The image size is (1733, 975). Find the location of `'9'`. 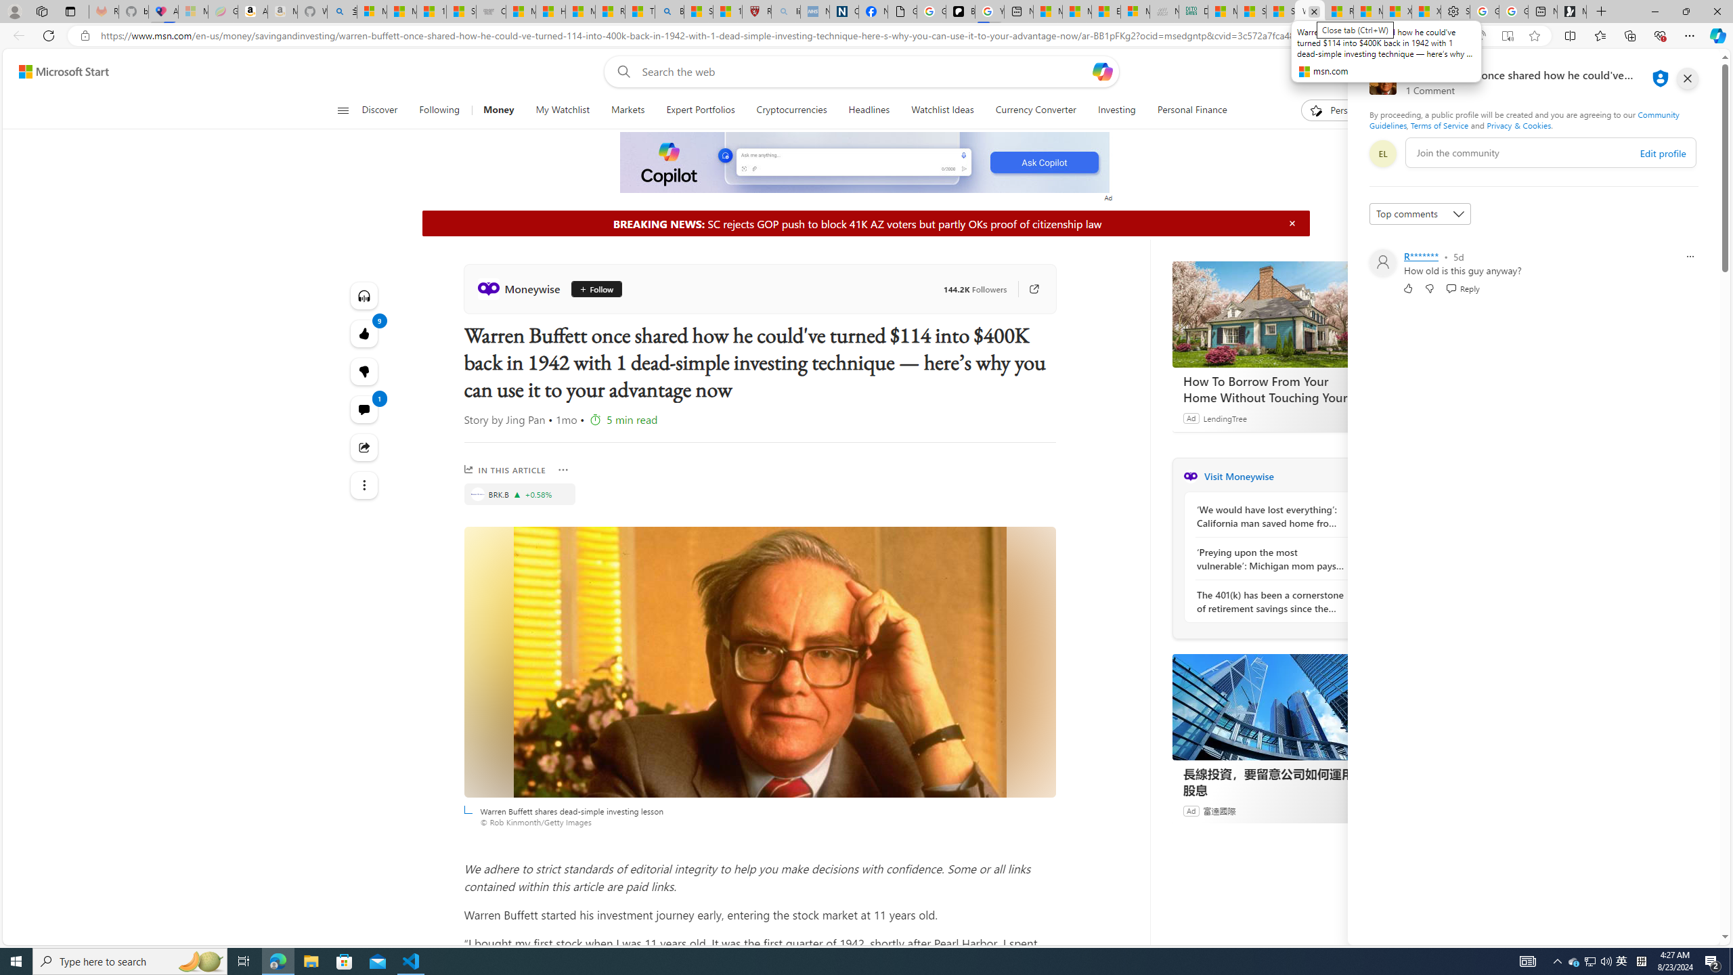

'9' is located at coordinates (364, 371).